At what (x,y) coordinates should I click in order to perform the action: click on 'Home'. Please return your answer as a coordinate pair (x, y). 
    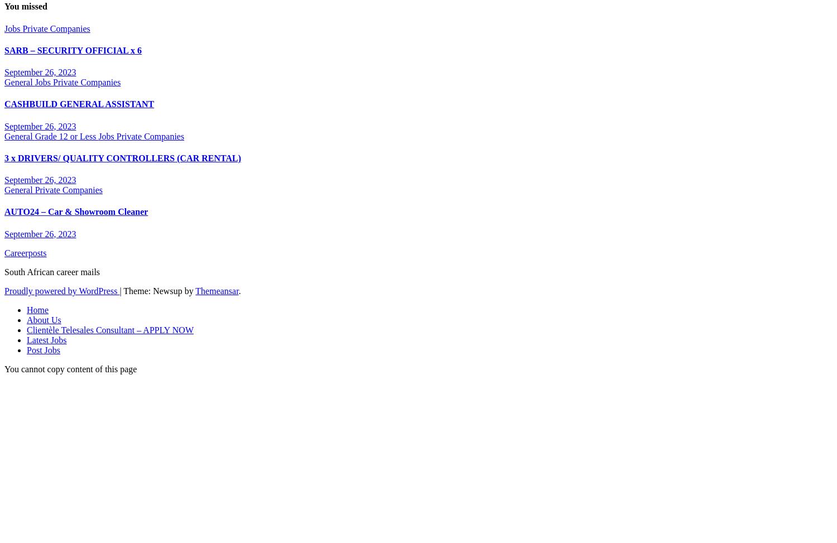
    Looking at the image, I should click on (37, 309).